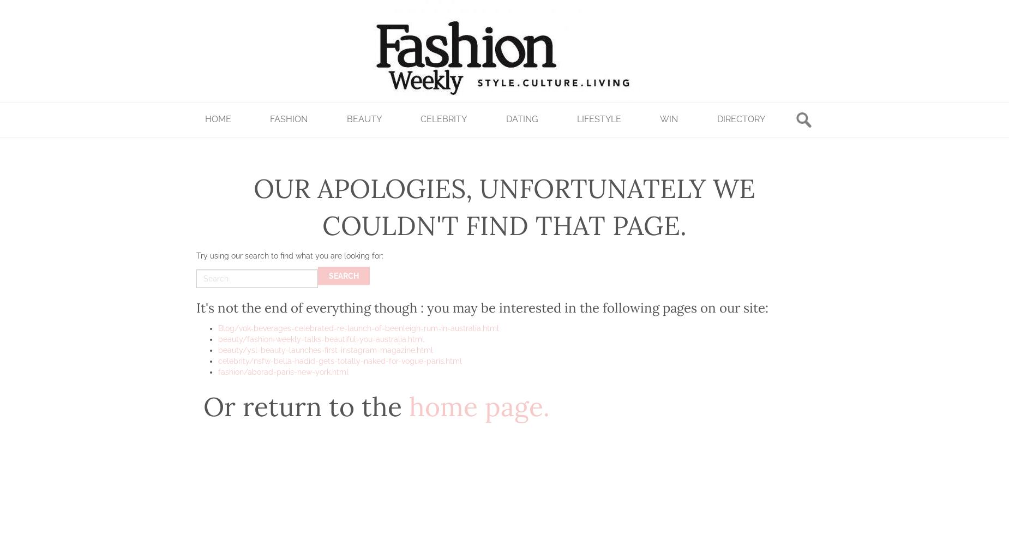 This screenshot has height=546, width=1009. Describe the element at coordinates (363, 118) in the screenshot. I see `'Beauty'` at that location.